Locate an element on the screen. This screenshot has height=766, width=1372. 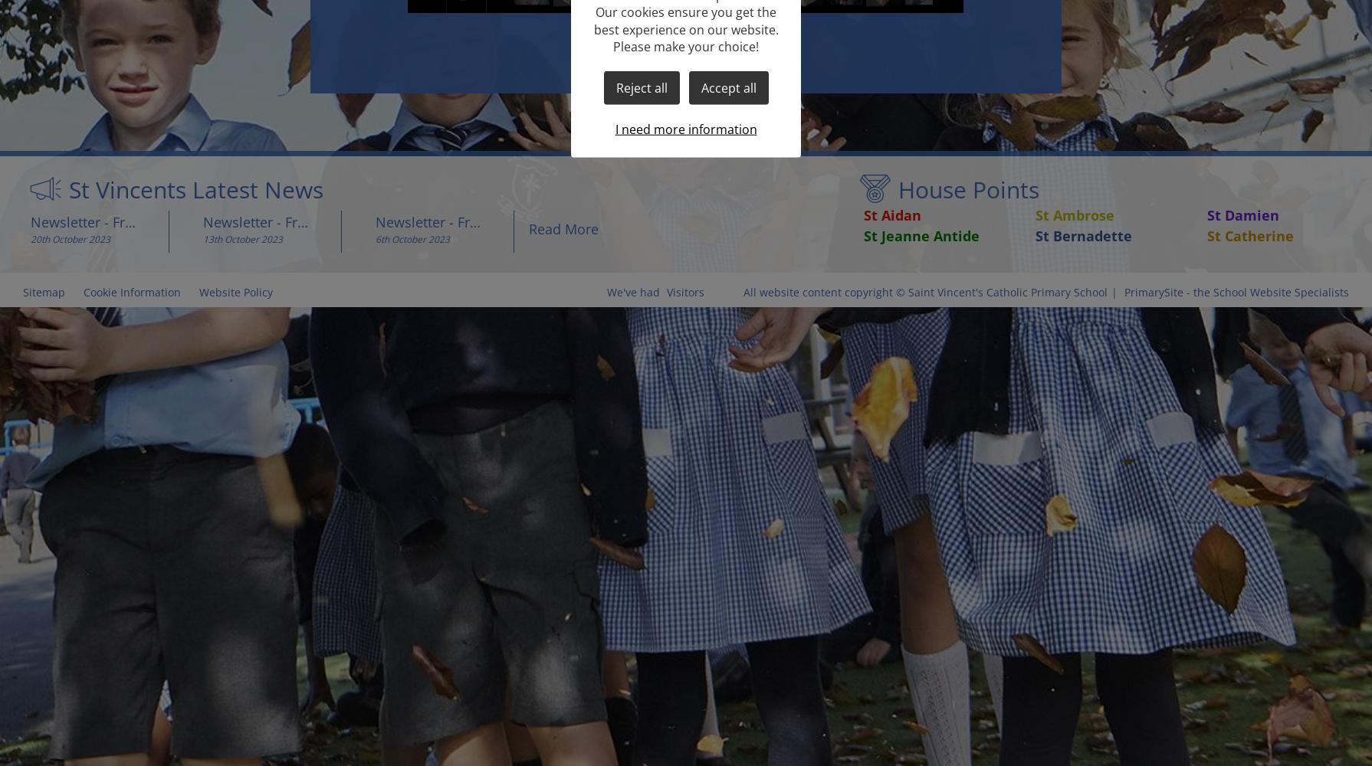
'Our cookies ensure you get the best experience on our website.' is located at coordinates (684, 21).